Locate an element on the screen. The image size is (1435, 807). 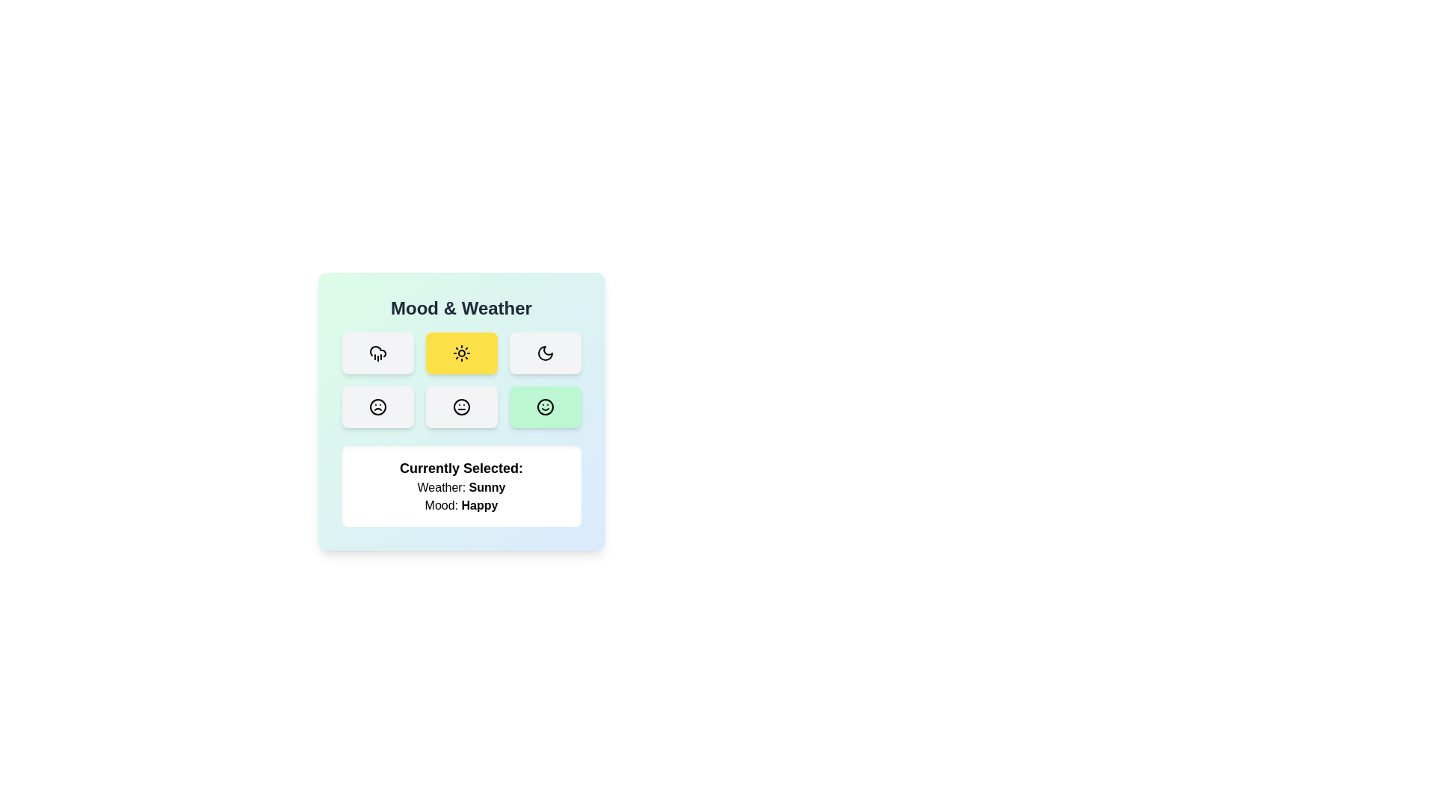
the circle element that is part of the frown face icon located in the middle column of the bottom row of the mood buttons is located at coordinates (377, 406).